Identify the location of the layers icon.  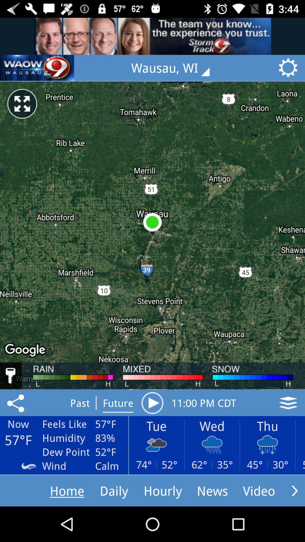
(288, 403).